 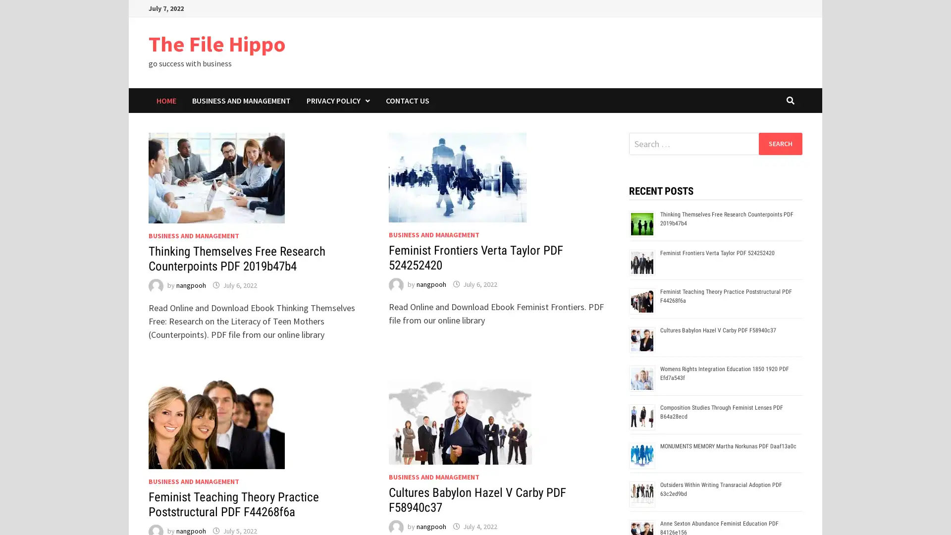 I want to click on Search, so click(x=780, y=143).